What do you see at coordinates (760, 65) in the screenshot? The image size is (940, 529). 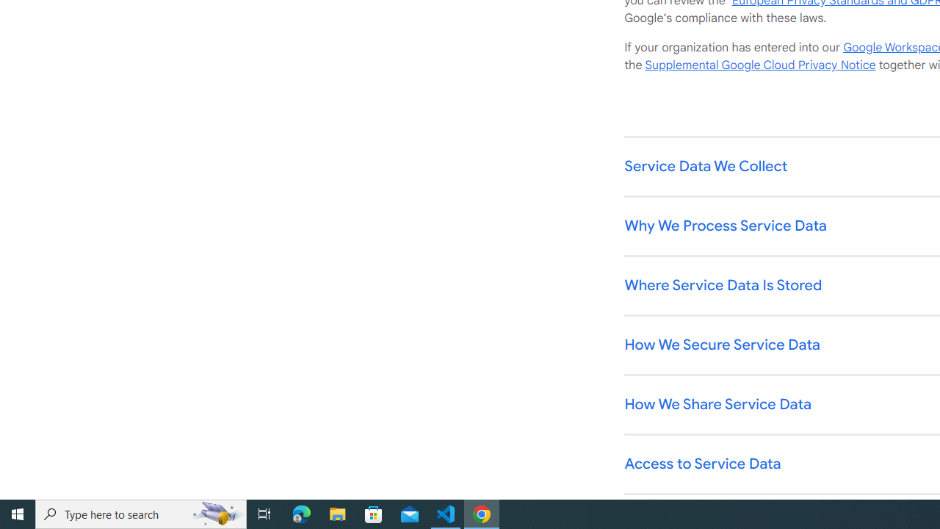 I see `'Supplemental Google Cloud Privacy Notice'` at bounding box center [760, 65].